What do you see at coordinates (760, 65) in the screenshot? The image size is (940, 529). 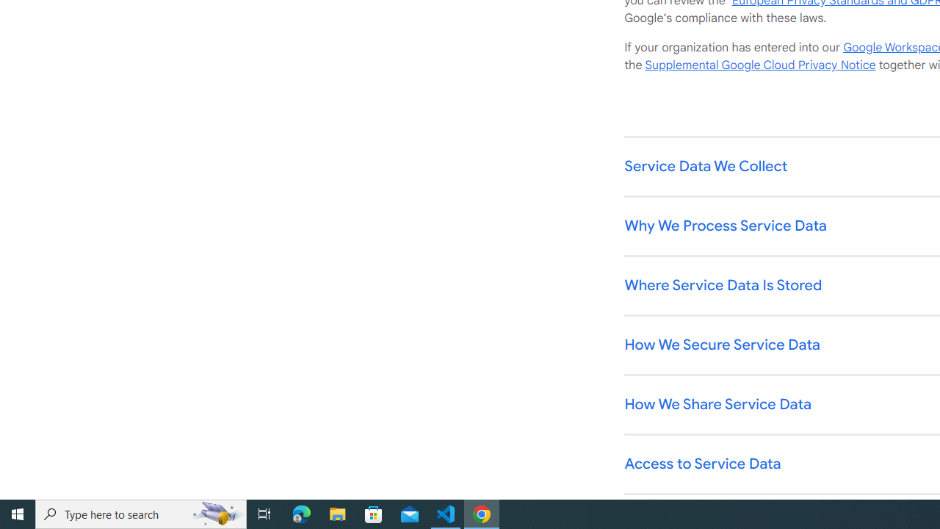 I see `'Supplemental Google Cloud Privacy Notice'` at bounding box center [760, 65].